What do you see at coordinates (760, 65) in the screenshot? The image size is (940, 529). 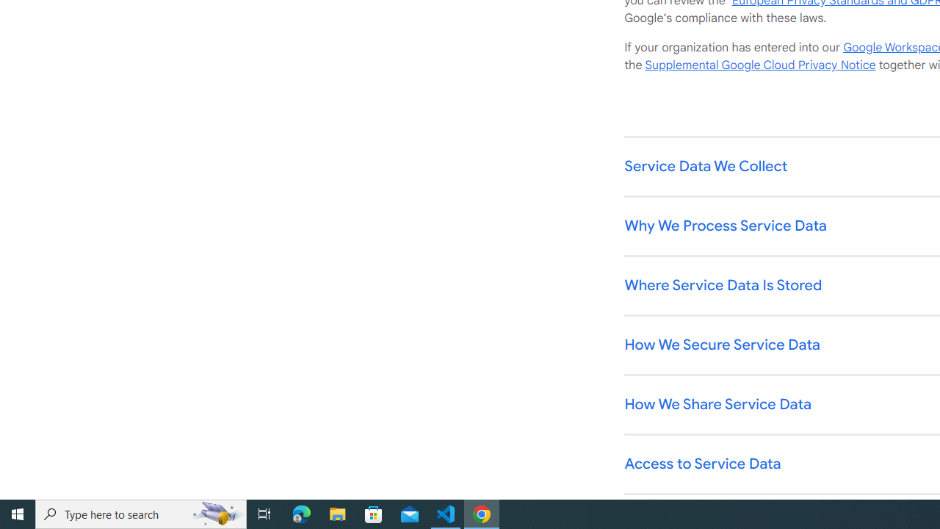 I see `'Supplemental Google Cloud Privacy Notice'` at bounding box center [760, 65].